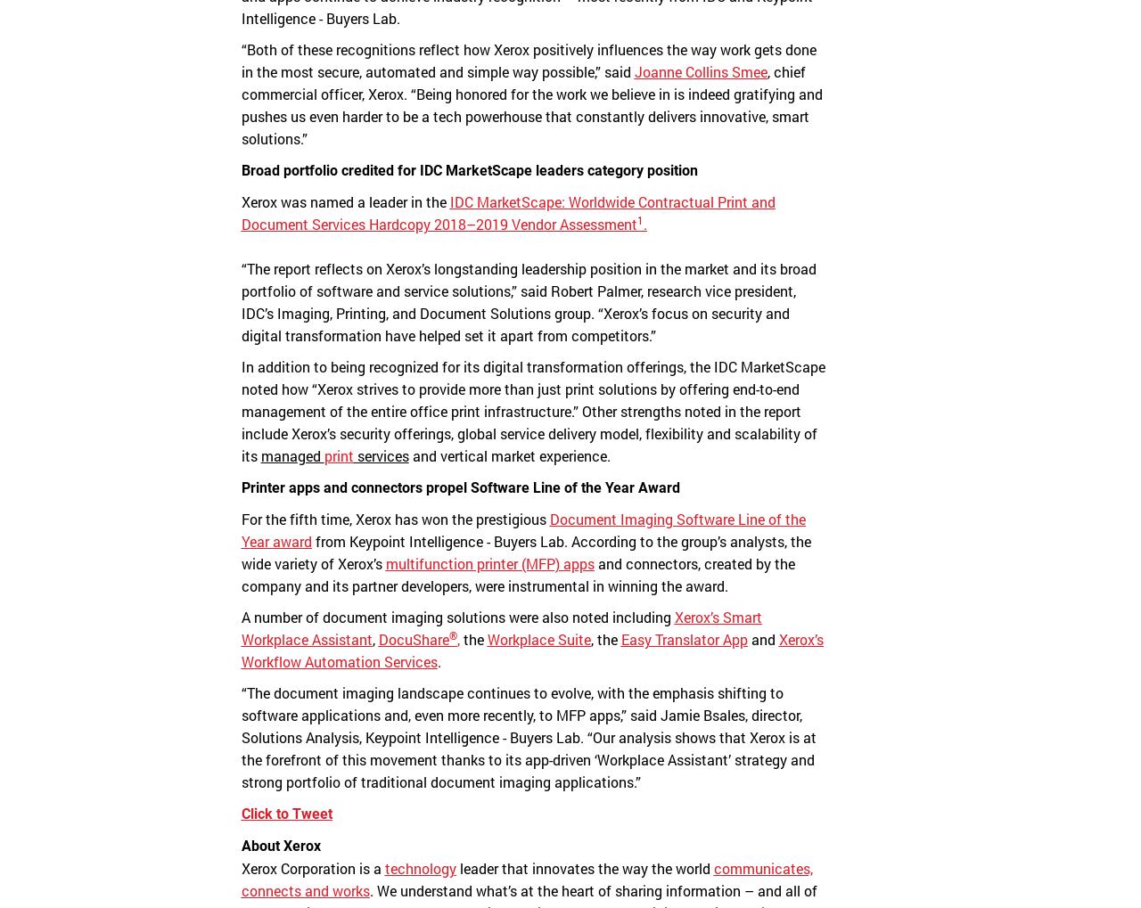 The width and height of the screenshot is (1141, 908). What do you see at coordinates (353, 455) in the screenshot?
I see `'services'` at bounding box center [353, 455].